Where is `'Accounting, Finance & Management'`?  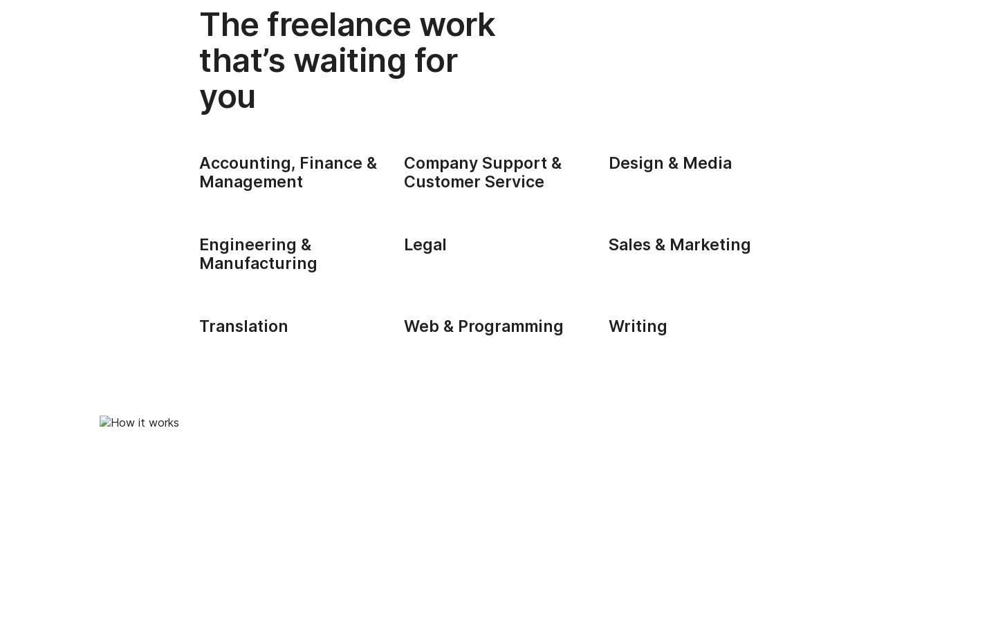
'Accounting, Finance & Management' is located at coordinates (287, 171).